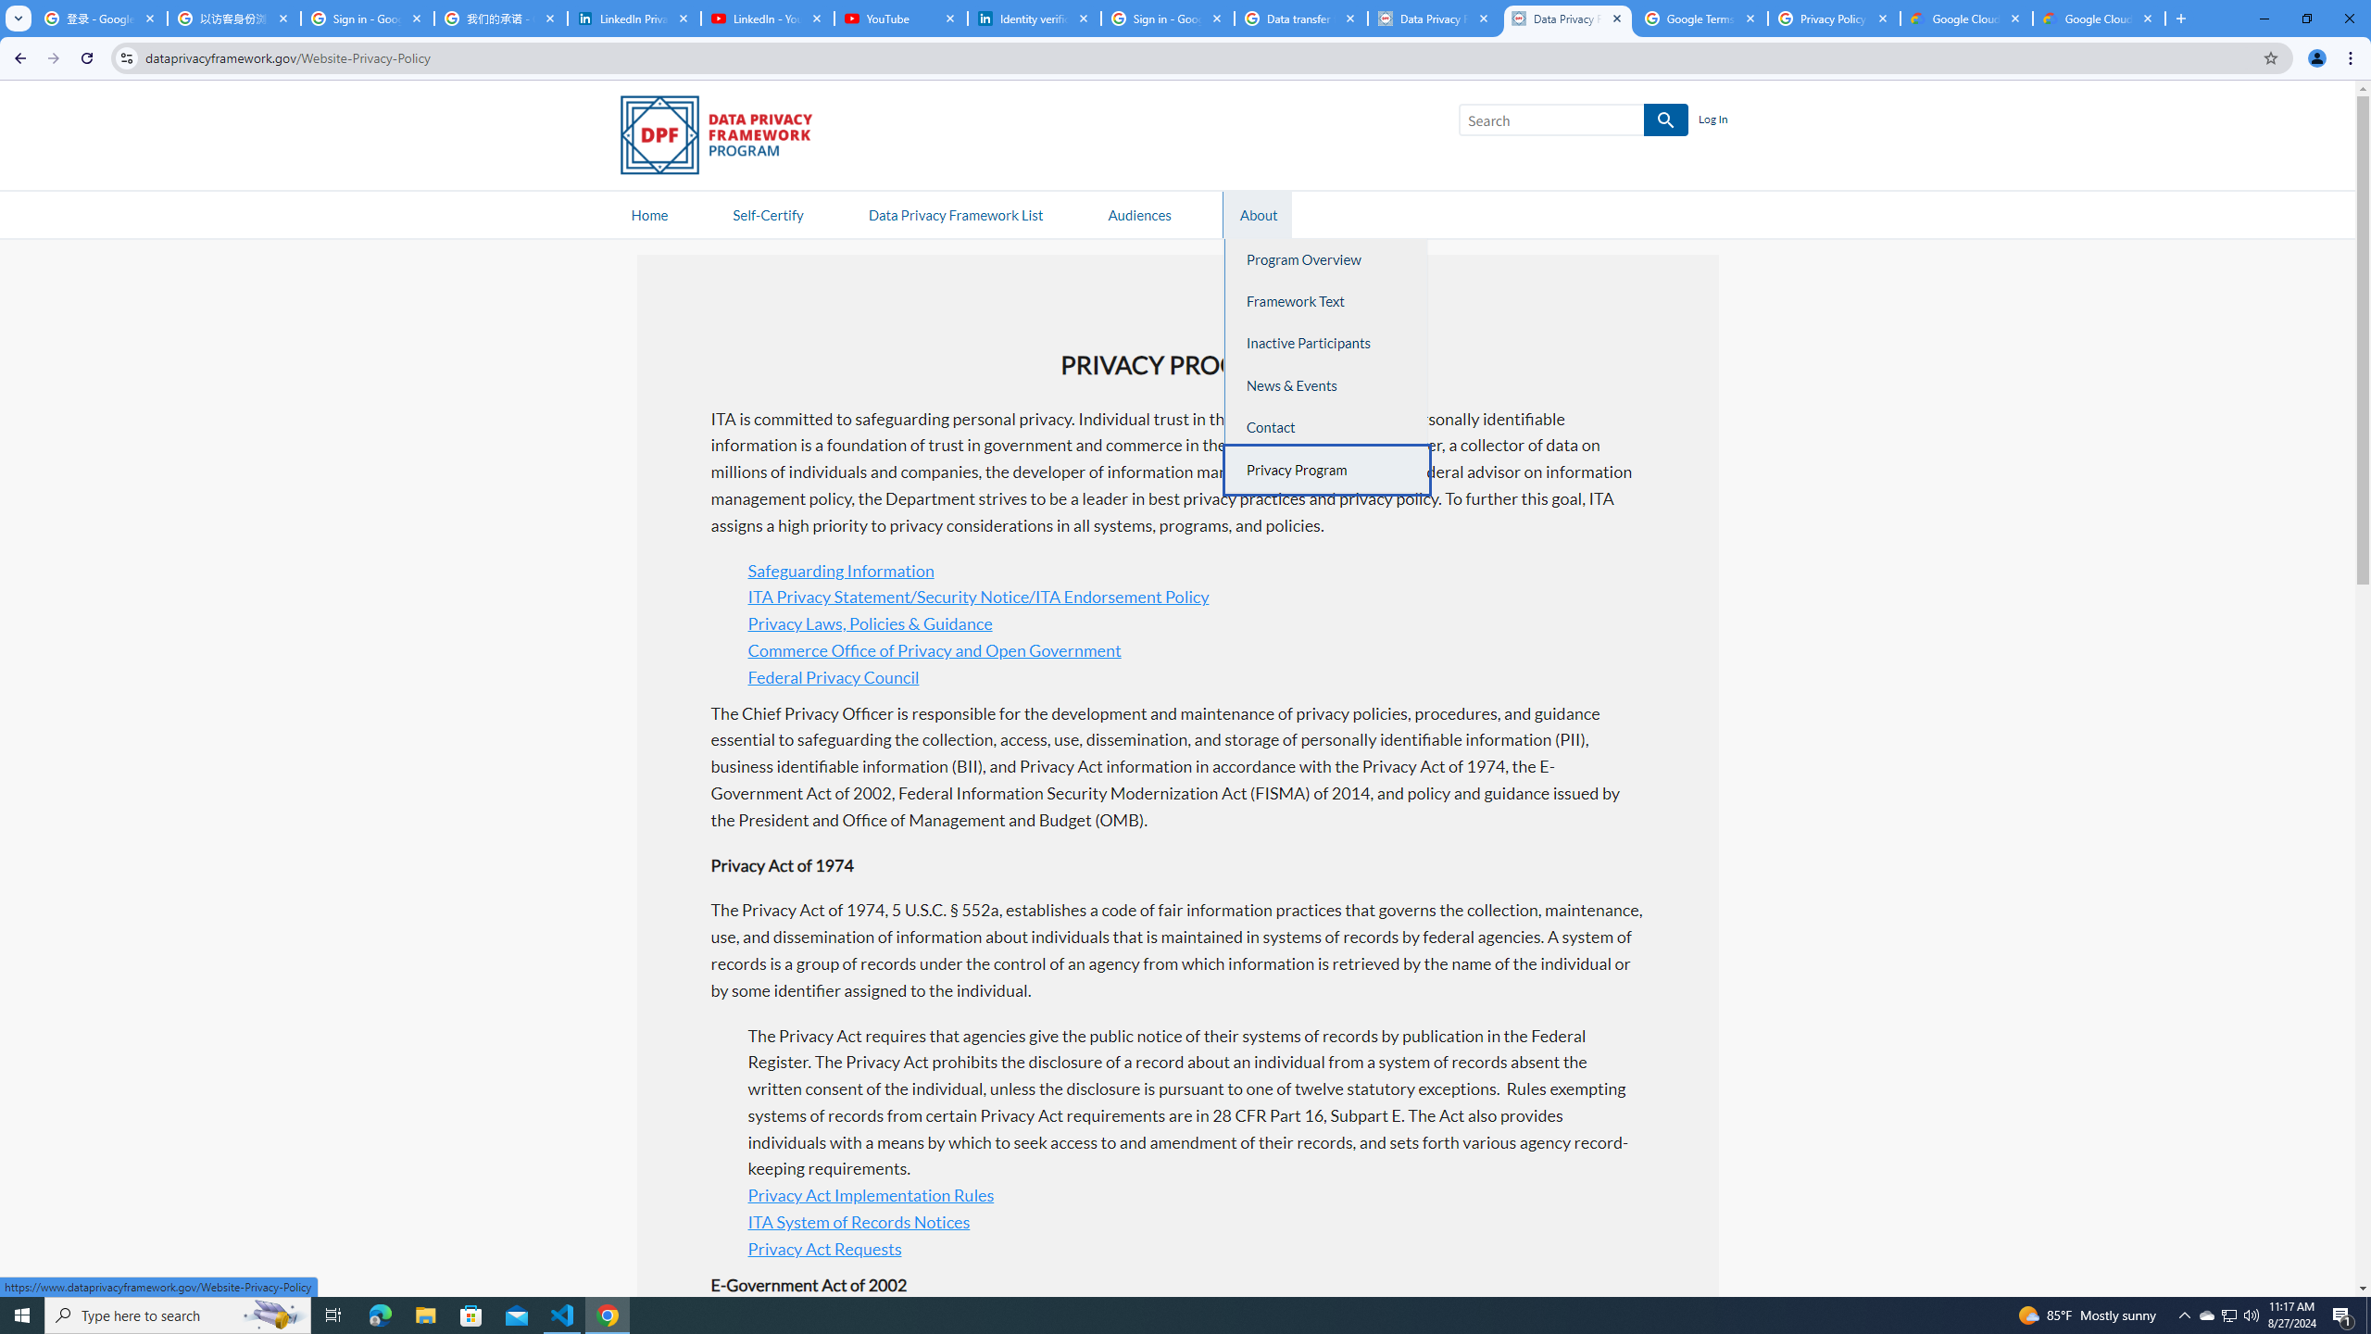  Describe the element at coordinates (767, 213) in the screenshot. I see `'Self-Certify'` at that location.